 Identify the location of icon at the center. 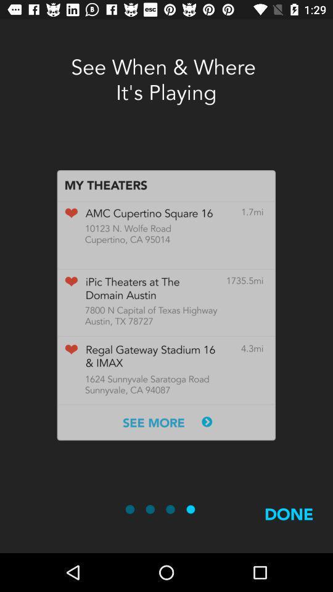
(166, 305).